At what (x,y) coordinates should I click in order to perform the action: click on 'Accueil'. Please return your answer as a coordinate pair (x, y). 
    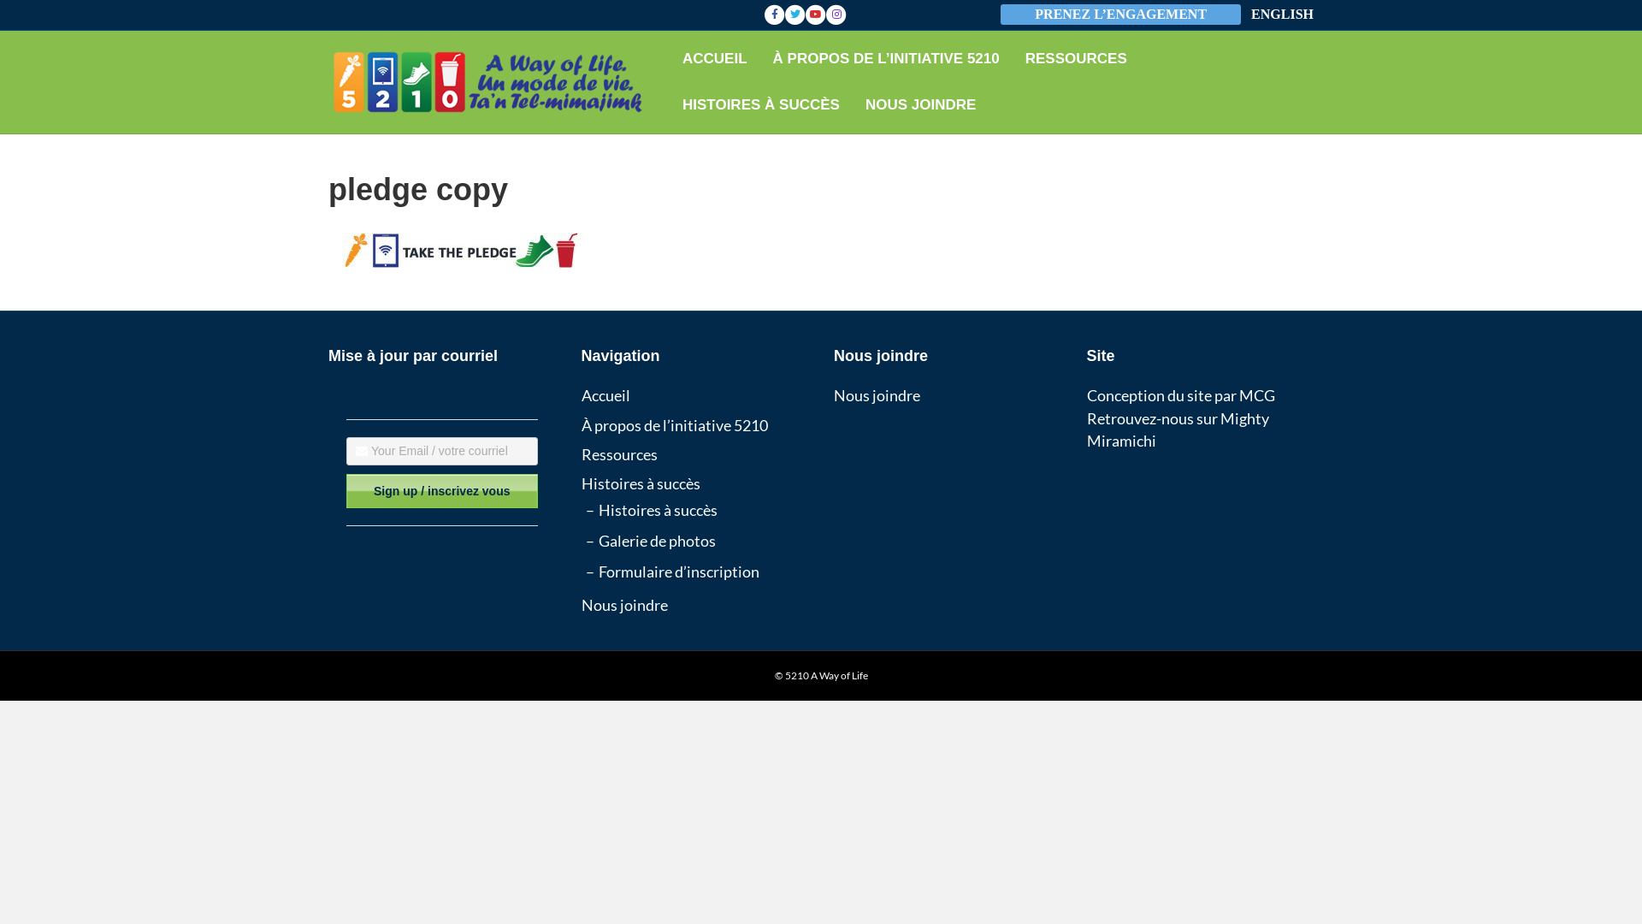
    Looking at the image, I should click on (605, 395).